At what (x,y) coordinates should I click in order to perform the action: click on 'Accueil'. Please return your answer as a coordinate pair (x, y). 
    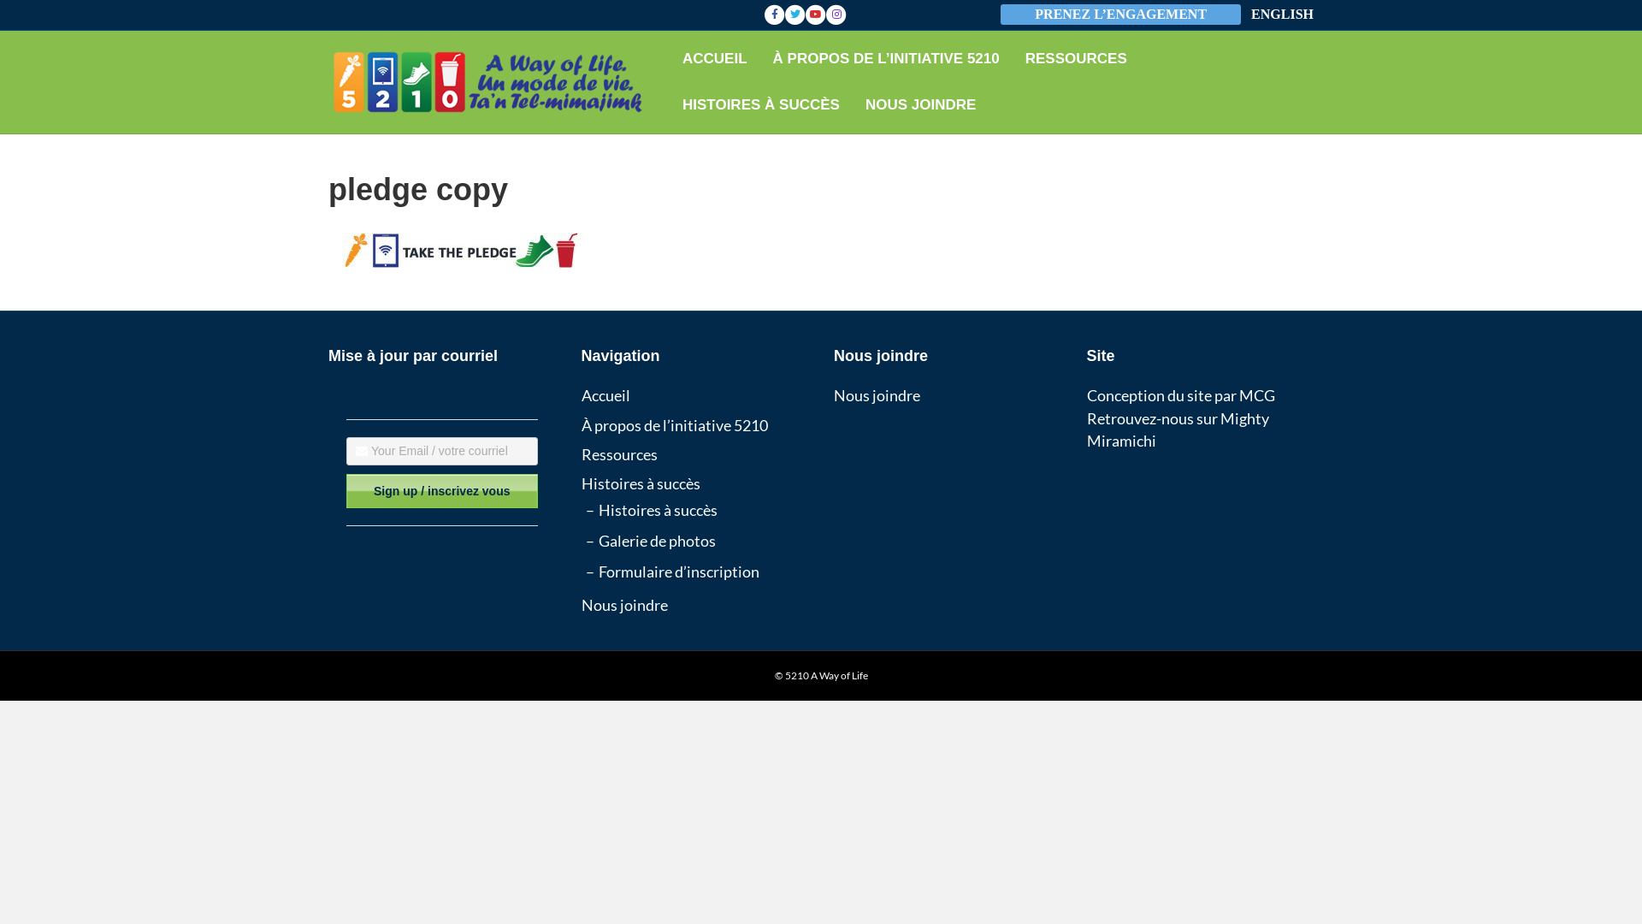
    Looking at the image, I should click on (605, 395).